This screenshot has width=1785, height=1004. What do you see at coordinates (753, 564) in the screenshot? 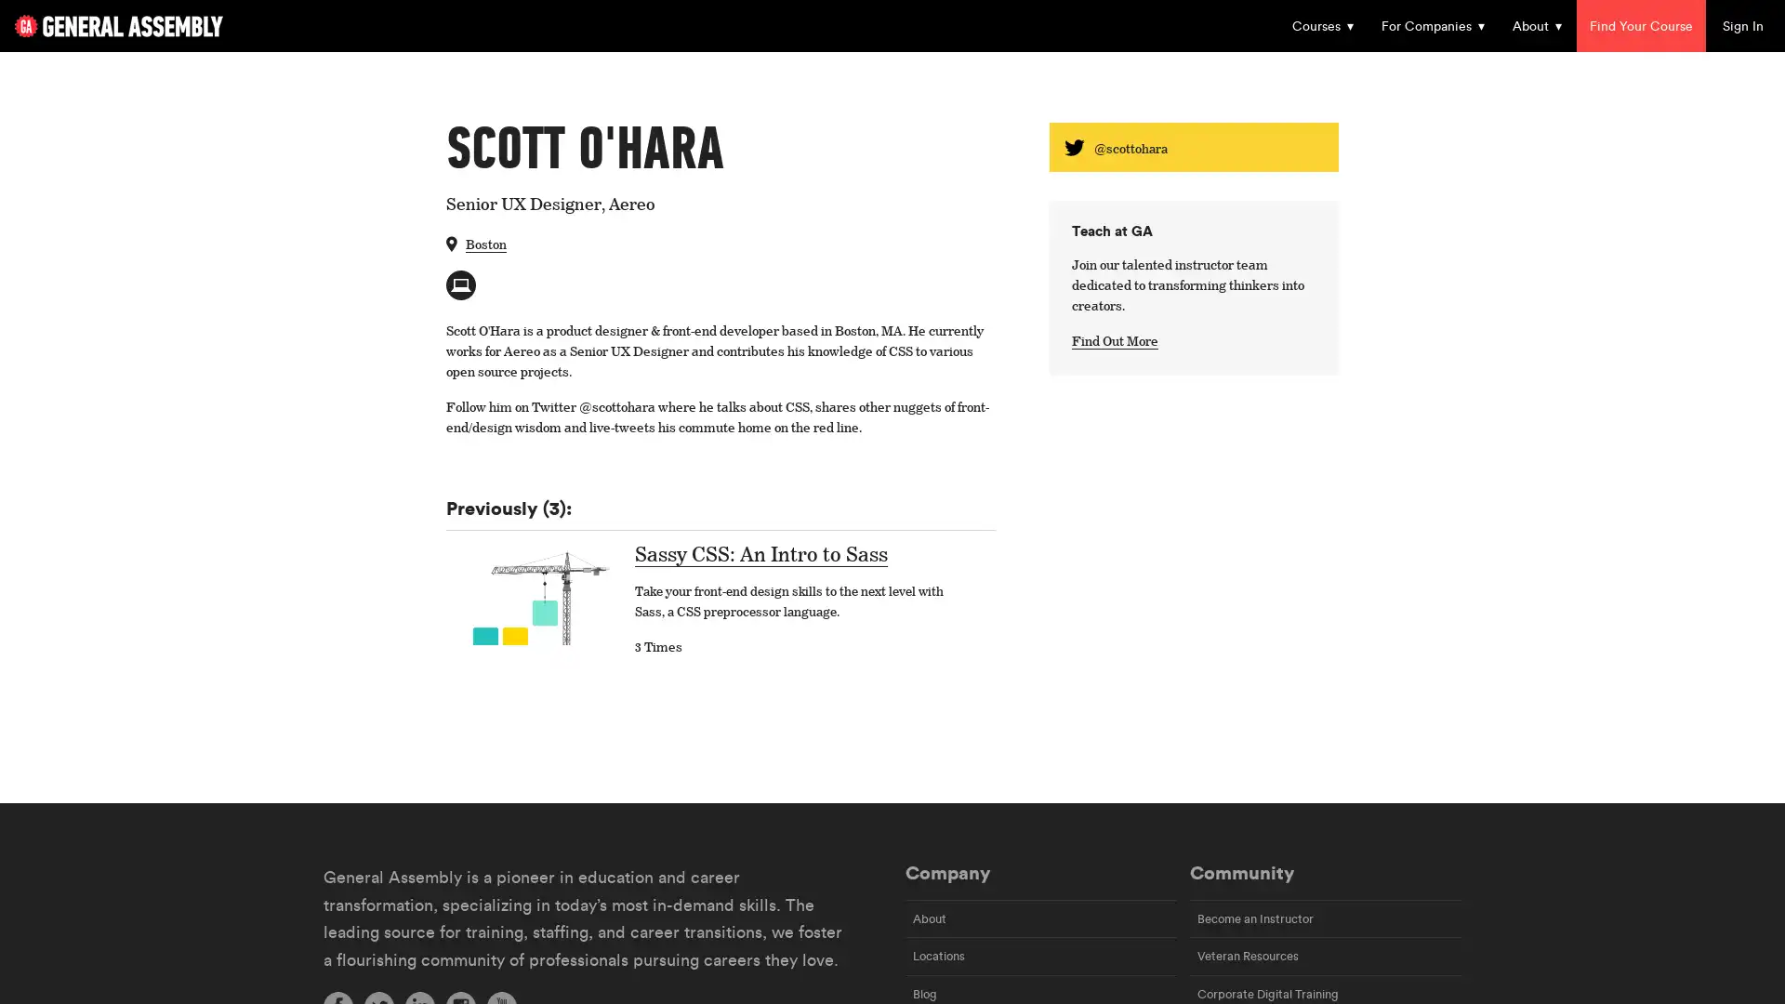
I see `Subscribe + Save` at bounding box center [753, 564].